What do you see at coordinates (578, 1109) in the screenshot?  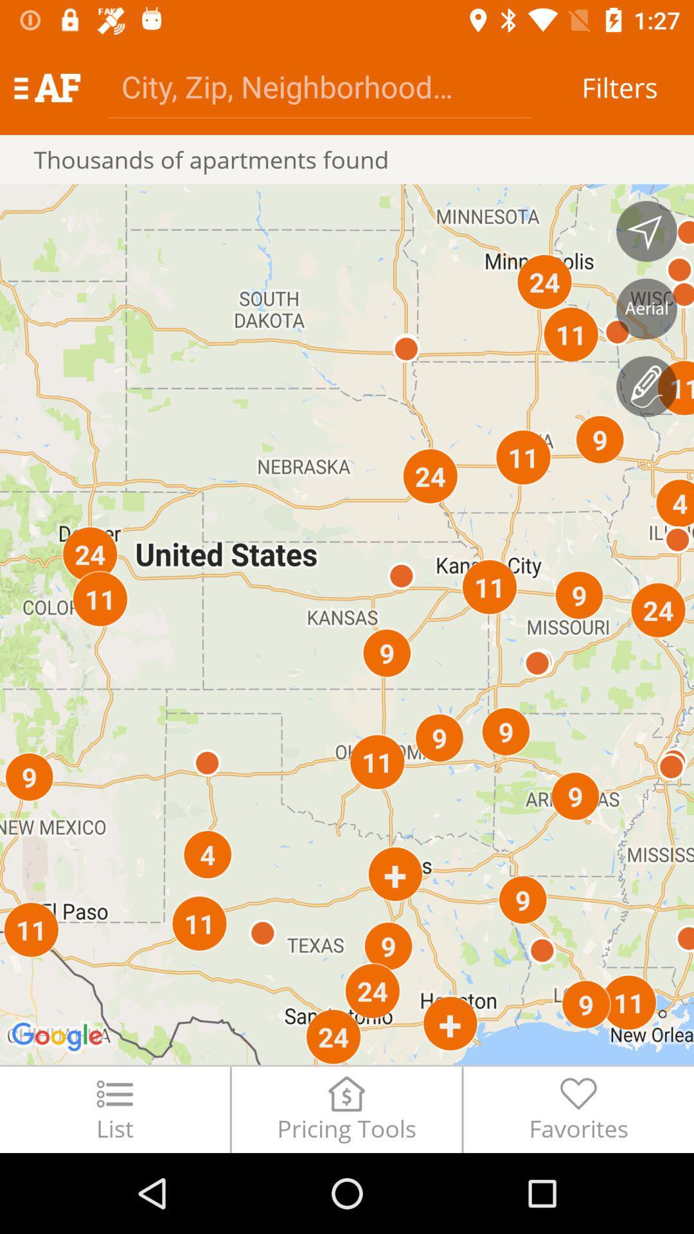 I see `the favorites item` at bounding box center [578, 1109].